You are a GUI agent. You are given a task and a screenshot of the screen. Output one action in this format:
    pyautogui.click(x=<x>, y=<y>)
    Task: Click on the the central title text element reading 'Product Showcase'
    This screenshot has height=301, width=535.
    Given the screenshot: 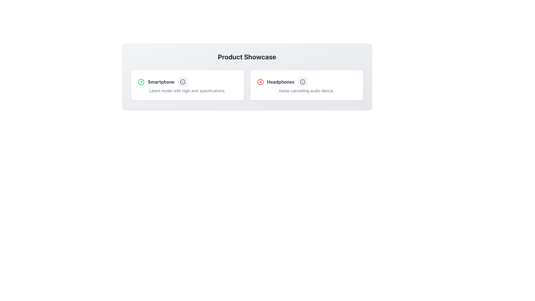 What is the action you would take?
    pyautogui.click(x=247, y=57)
    